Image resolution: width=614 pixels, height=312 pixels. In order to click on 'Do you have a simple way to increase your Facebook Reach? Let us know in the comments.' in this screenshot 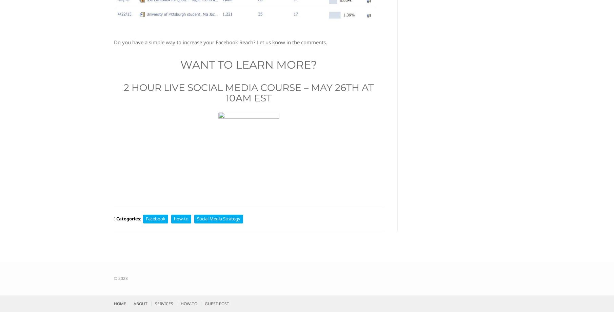, I will do `click(220, 42)`.